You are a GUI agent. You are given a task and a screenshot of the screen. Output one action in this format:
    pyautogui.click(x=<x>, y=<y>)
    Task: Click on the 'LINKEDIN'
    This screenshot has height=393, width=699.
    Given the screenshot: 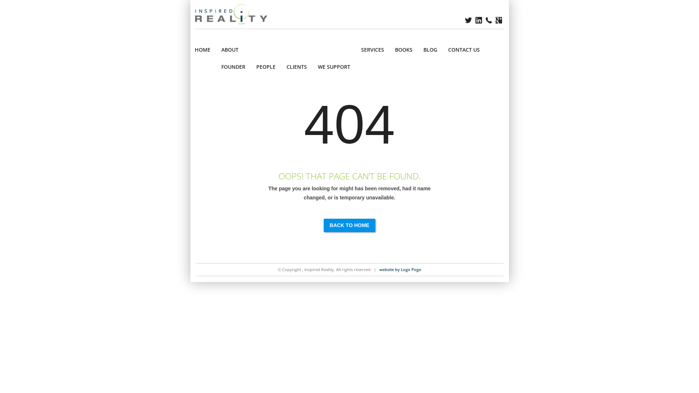 What is the action you would take?
    pyautogui.click(x=479, y=20)
    